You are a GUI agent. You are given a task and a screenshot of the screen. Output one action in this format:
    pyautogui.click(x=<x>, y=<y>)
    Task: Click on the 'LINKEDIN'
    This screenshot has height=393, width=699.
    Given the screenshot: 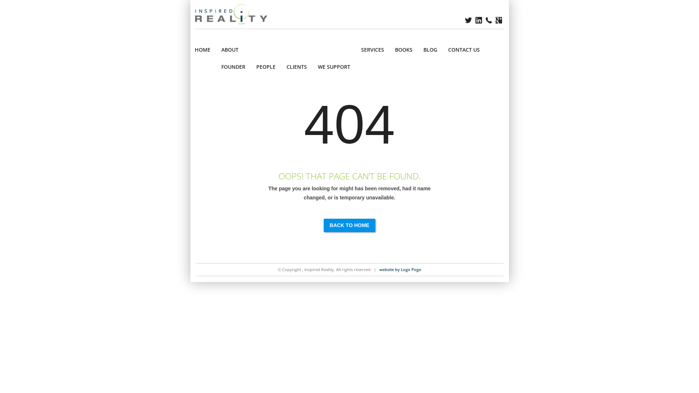 What is the action you would take?
    pyautogui.click(x=479, y=20)
    